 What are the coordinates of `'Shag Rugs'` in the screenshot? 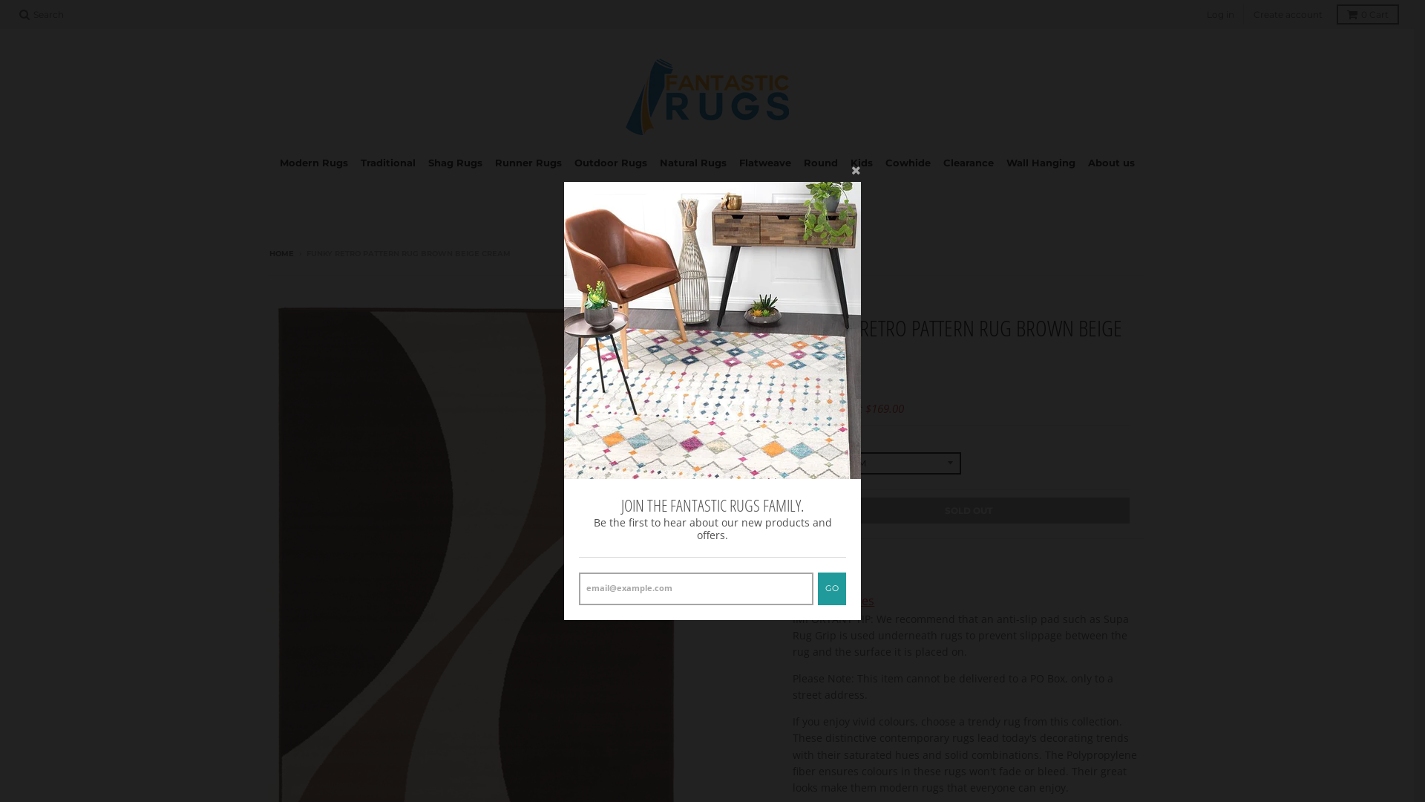 It's located at (454, 163).